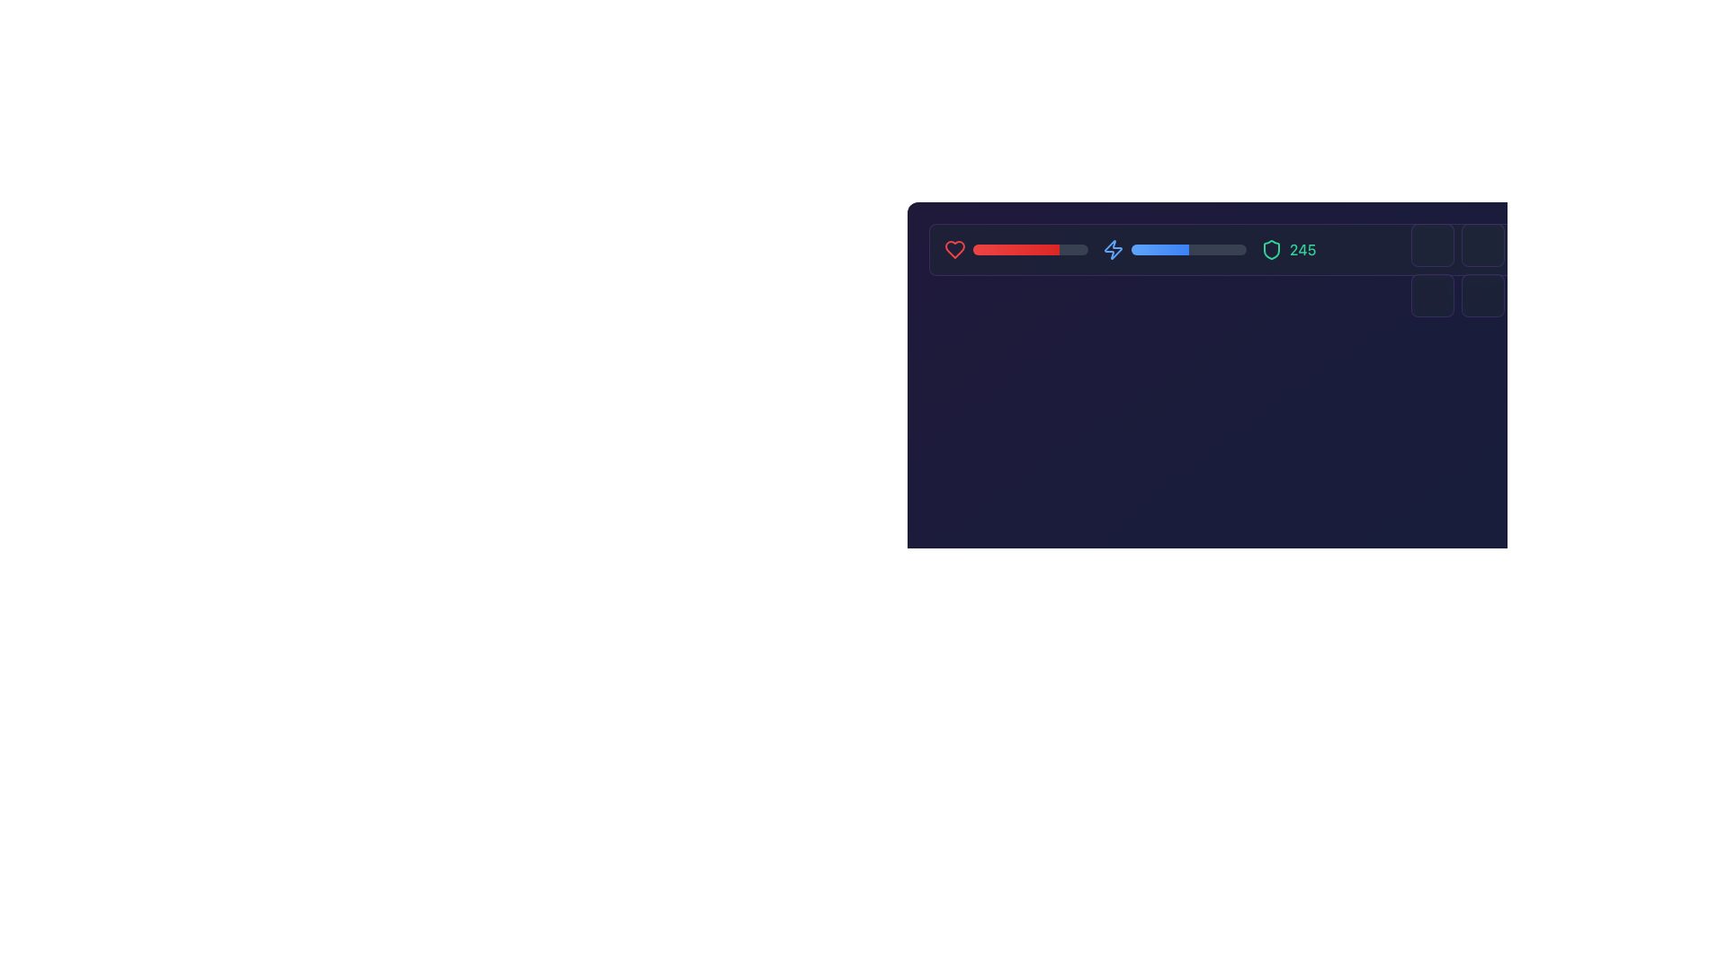 The image size is (1727, 971). I want to click on the progress visually by focusing on the centrally positioned progress bar that represents a skill or energy level, so click(1188, 249).